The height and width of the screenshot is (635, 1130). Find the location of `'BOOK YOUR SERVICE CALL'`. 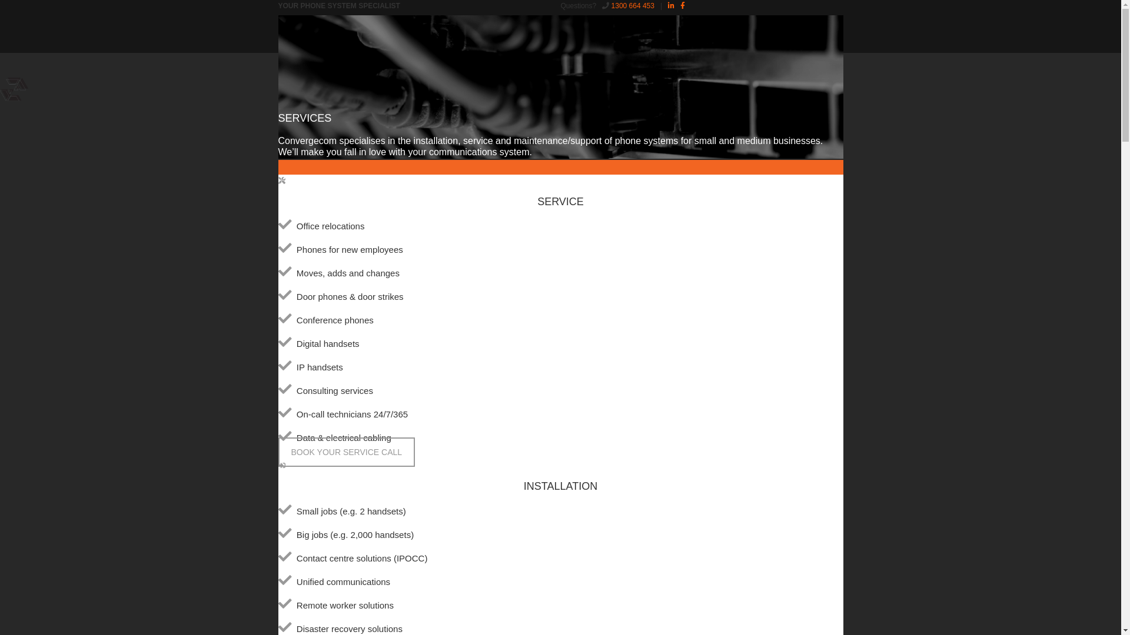

'BOOK YOUR SERVICE CALL' is located at coordinates (345, 452).